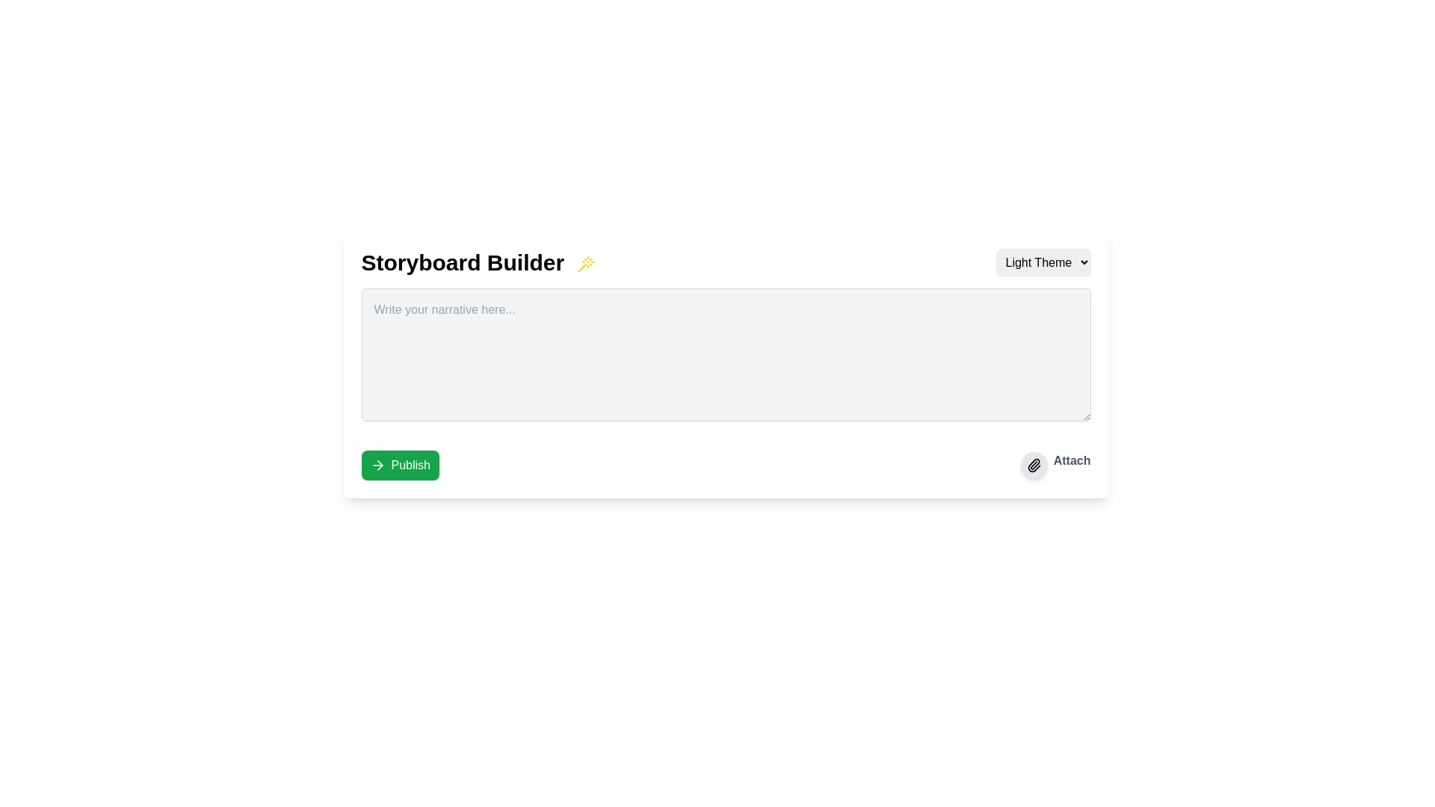 Image resolution: width=1435 pixels, height=807 pixels. What do you see at coordinates (377, 465) in the screenshot?
I see `the right-pointing arrow icon located within the green 'Publish' button to identify the button's function` at bounding box center [377, 465].